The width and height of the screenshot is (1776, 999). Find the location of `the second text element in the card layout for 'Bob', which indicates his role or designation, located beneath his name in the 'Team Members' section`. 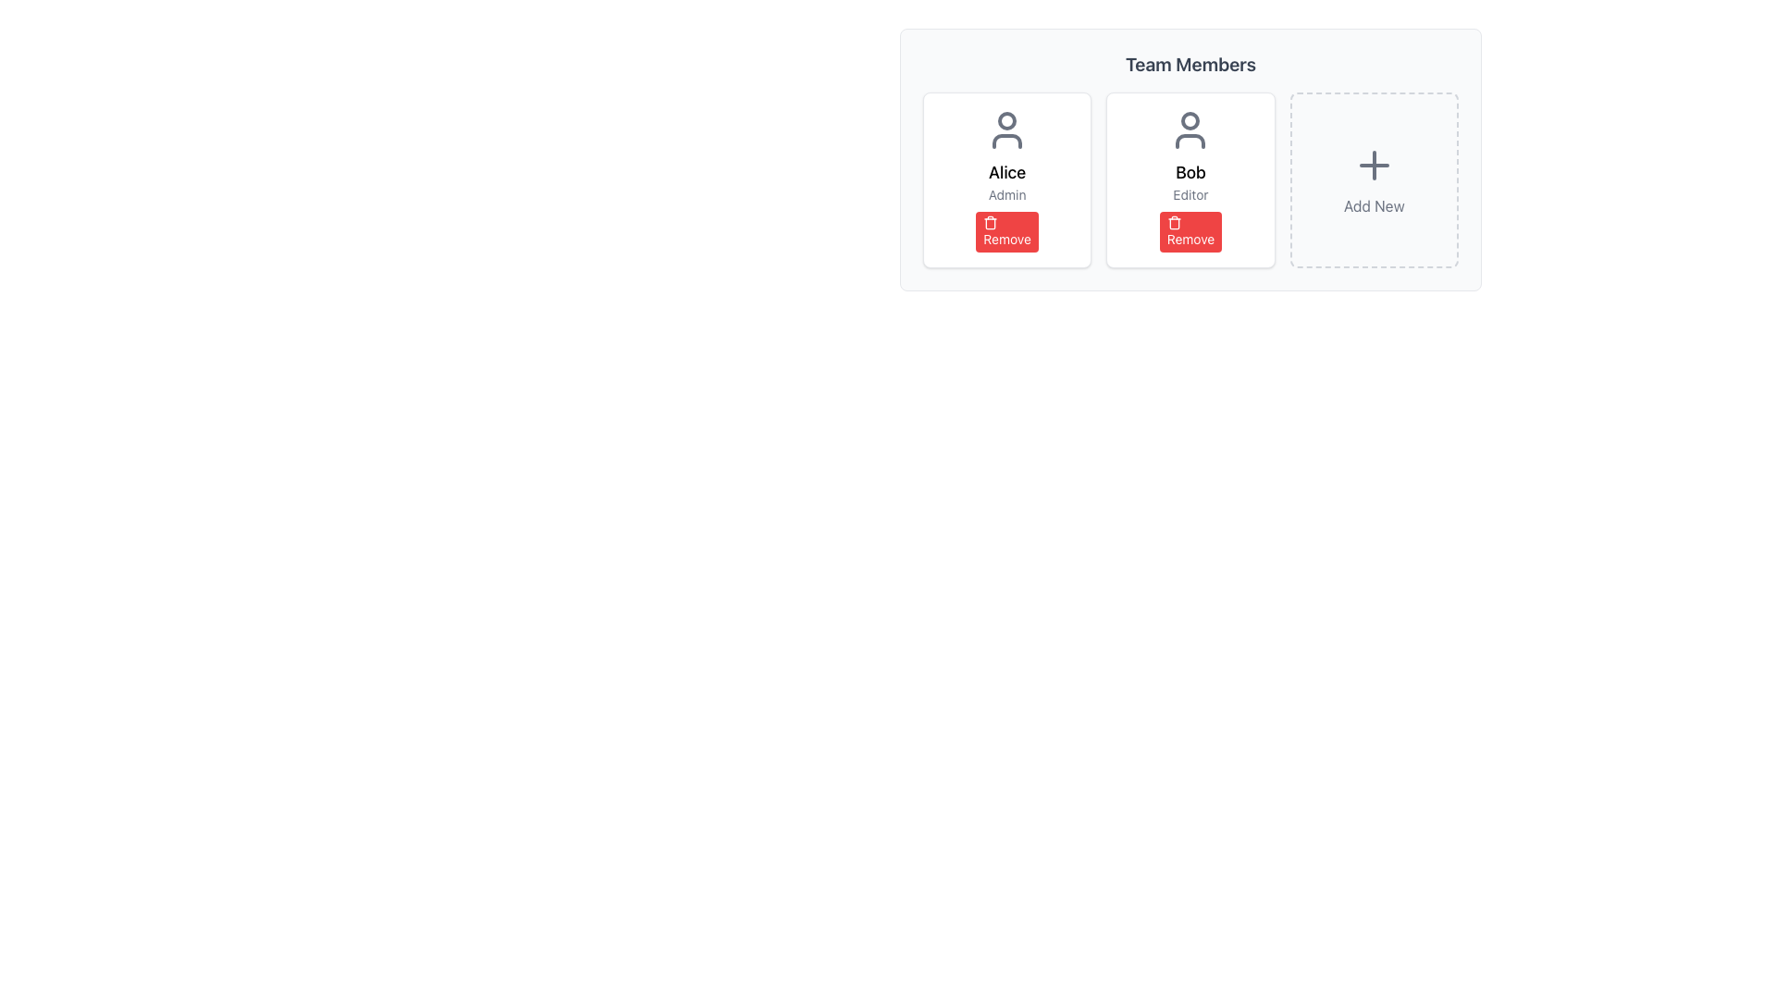

the second text element in the card layout for 'Bob', which indicates his role or designation, located beneath his name in the 'Team Members' section is located at coordinates (1190, 195).